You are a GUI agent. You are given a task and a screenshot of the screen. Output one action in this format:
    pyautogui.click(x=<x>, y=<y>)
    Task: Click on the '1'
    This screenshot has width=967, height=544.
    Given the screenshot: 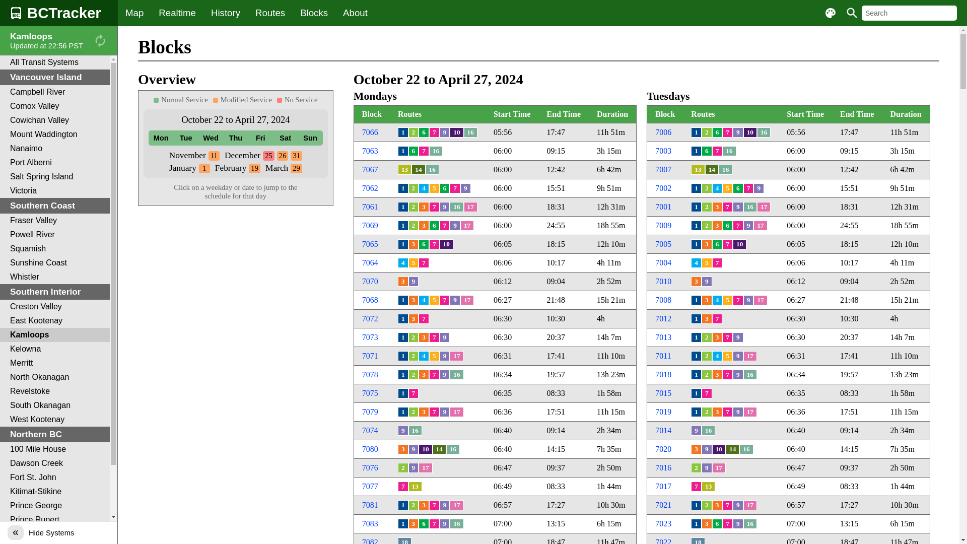 What is the action you would take?
    pyautogui.click(x=696, y=300)
    